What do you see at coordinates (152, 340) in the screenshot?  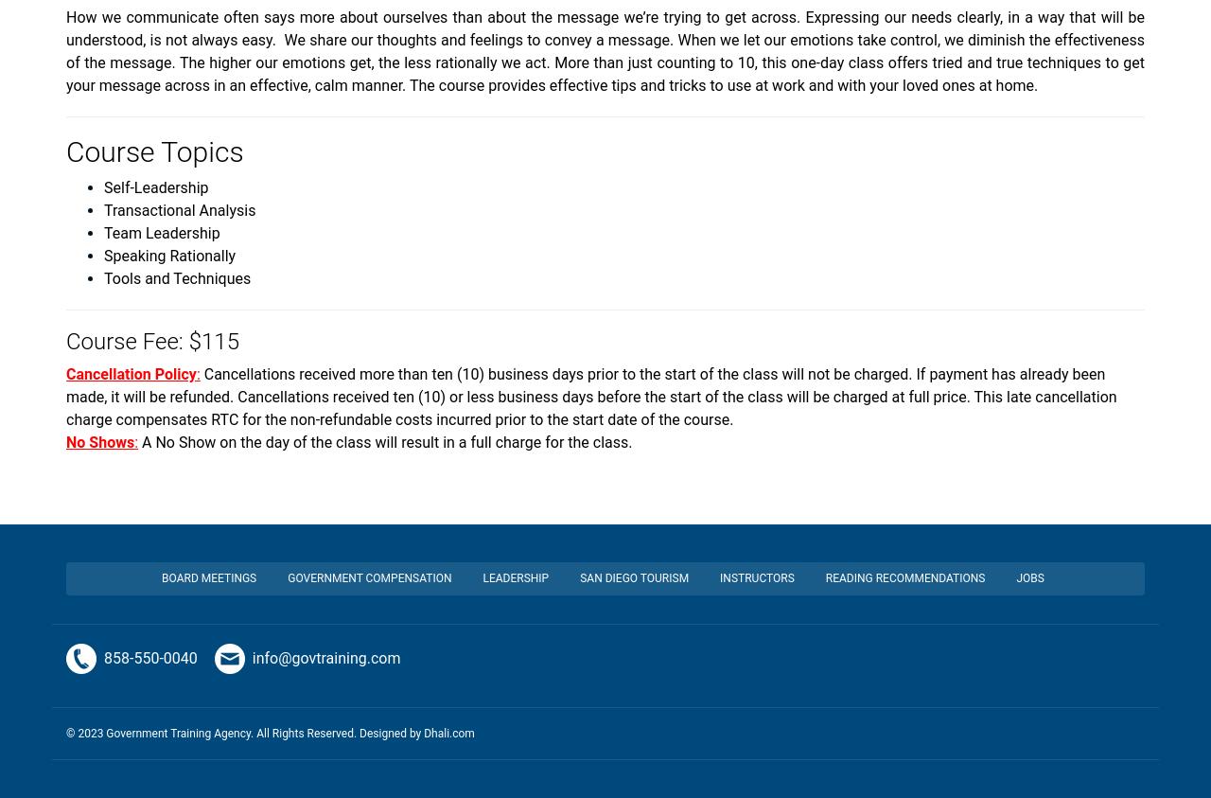 I see `'Course Fee: $115'` at bounding box center [152, 340].